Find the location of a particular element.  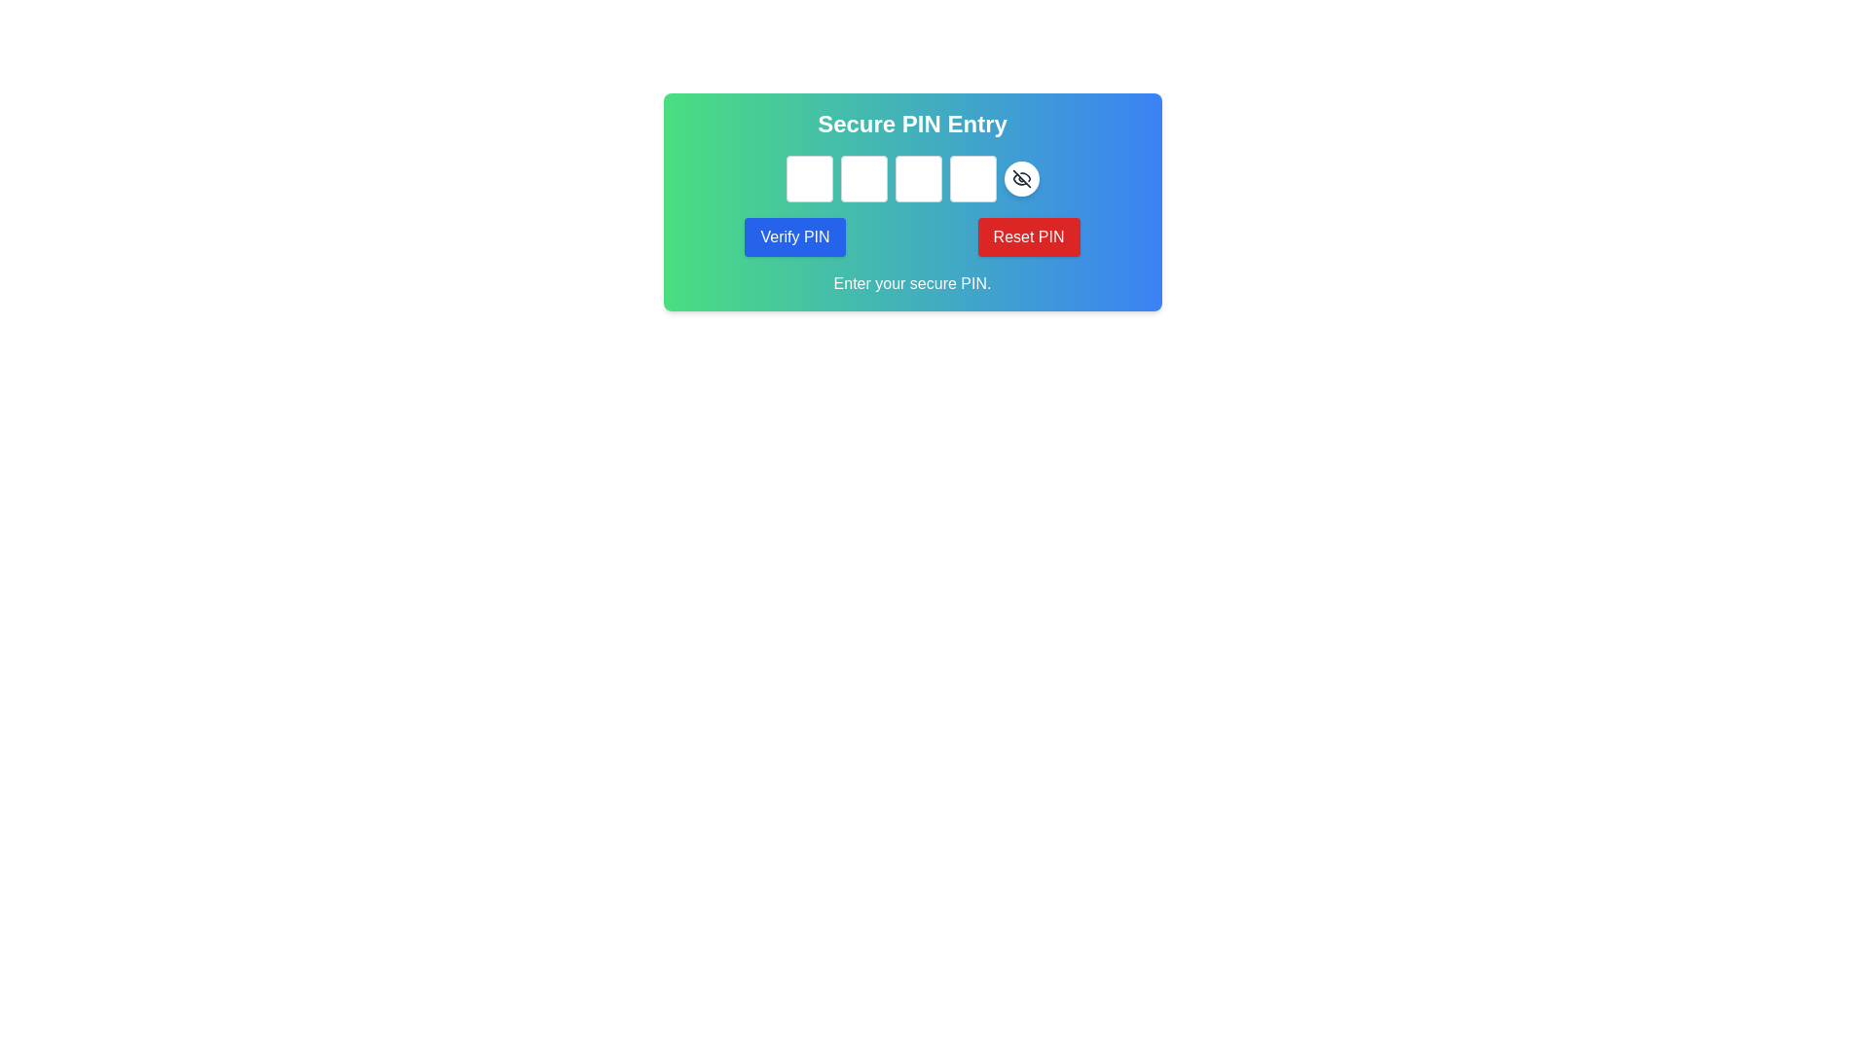

the text header that reads 'Secure PIN Entry', which is displayed in bold and large text, centered within a gradient background transitioning from green to blue is located at coordinates (911, 124).